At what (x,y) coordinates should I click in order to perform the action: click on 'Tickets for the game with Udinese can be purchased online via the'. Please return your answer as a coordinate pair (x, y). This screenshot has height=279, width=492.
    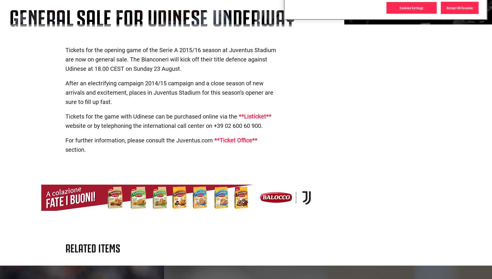
    Looking at the image, I should click on (152, 116).